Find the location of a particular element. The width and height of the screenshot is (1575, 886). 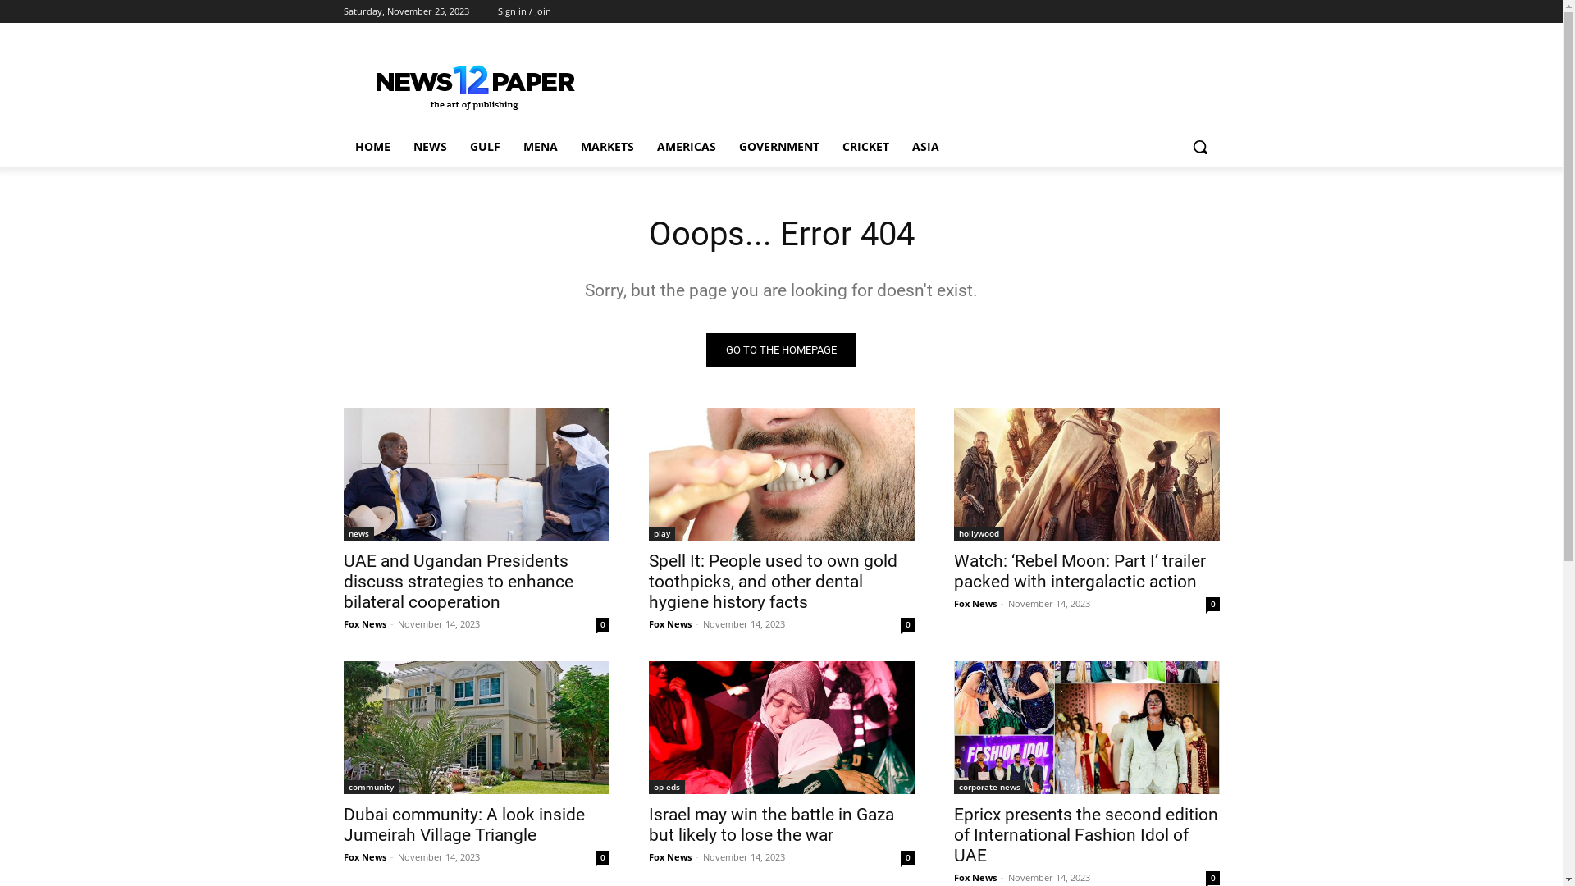

'op eds' is located at coordinates (665, 786).